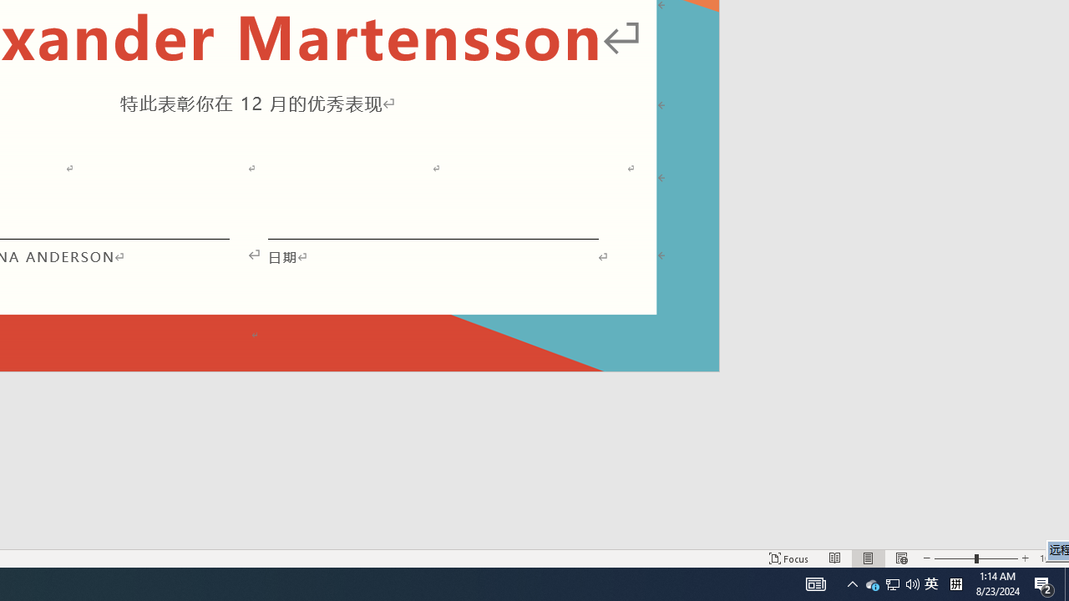 This screenshot has height=601, width=1069. Describe the element at coordinates (891, 583) in the screenshot. I see `'Q2790: 100%'` at that location.